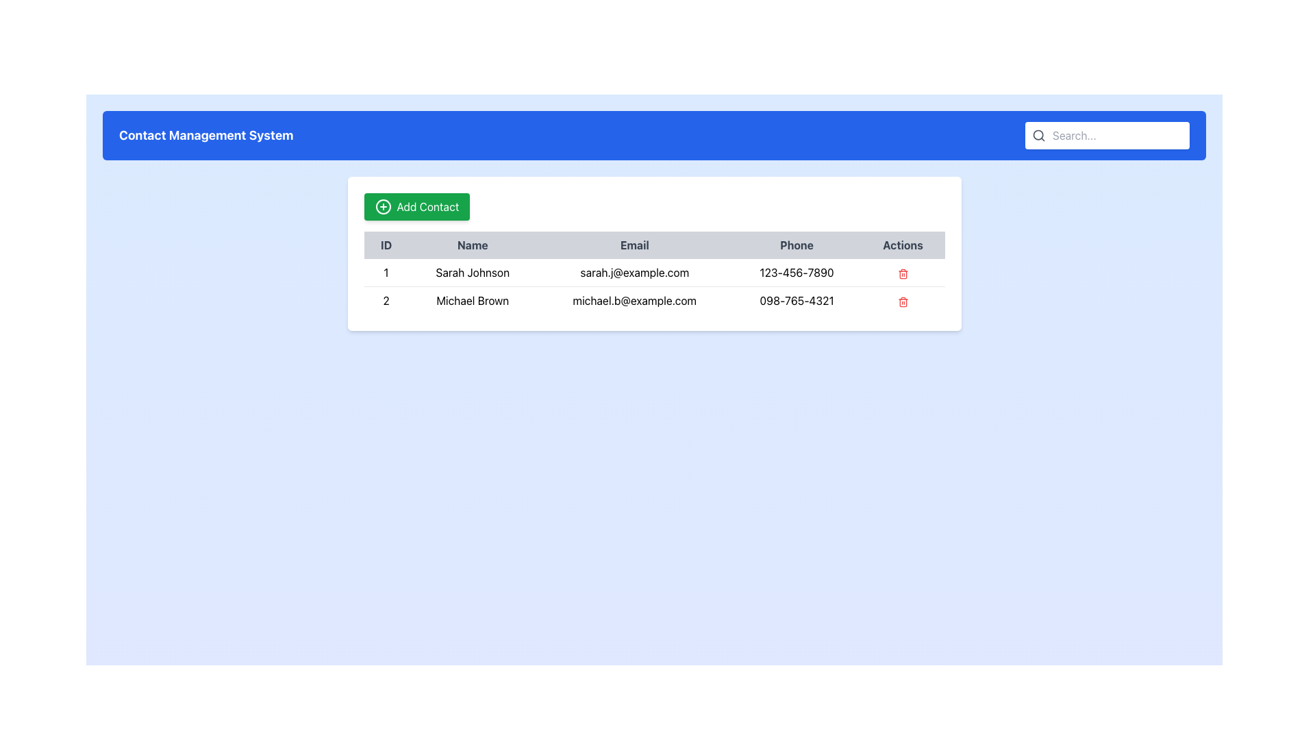 Image resolution: width=1315 pixels, height=740 pixels. What do you see at coordinates (473, 273) in the screenshot?
I see `the Text label displaying the name of the first contact in the table, located in the second column under the 'Name' header` at bounding box center [473, 273].